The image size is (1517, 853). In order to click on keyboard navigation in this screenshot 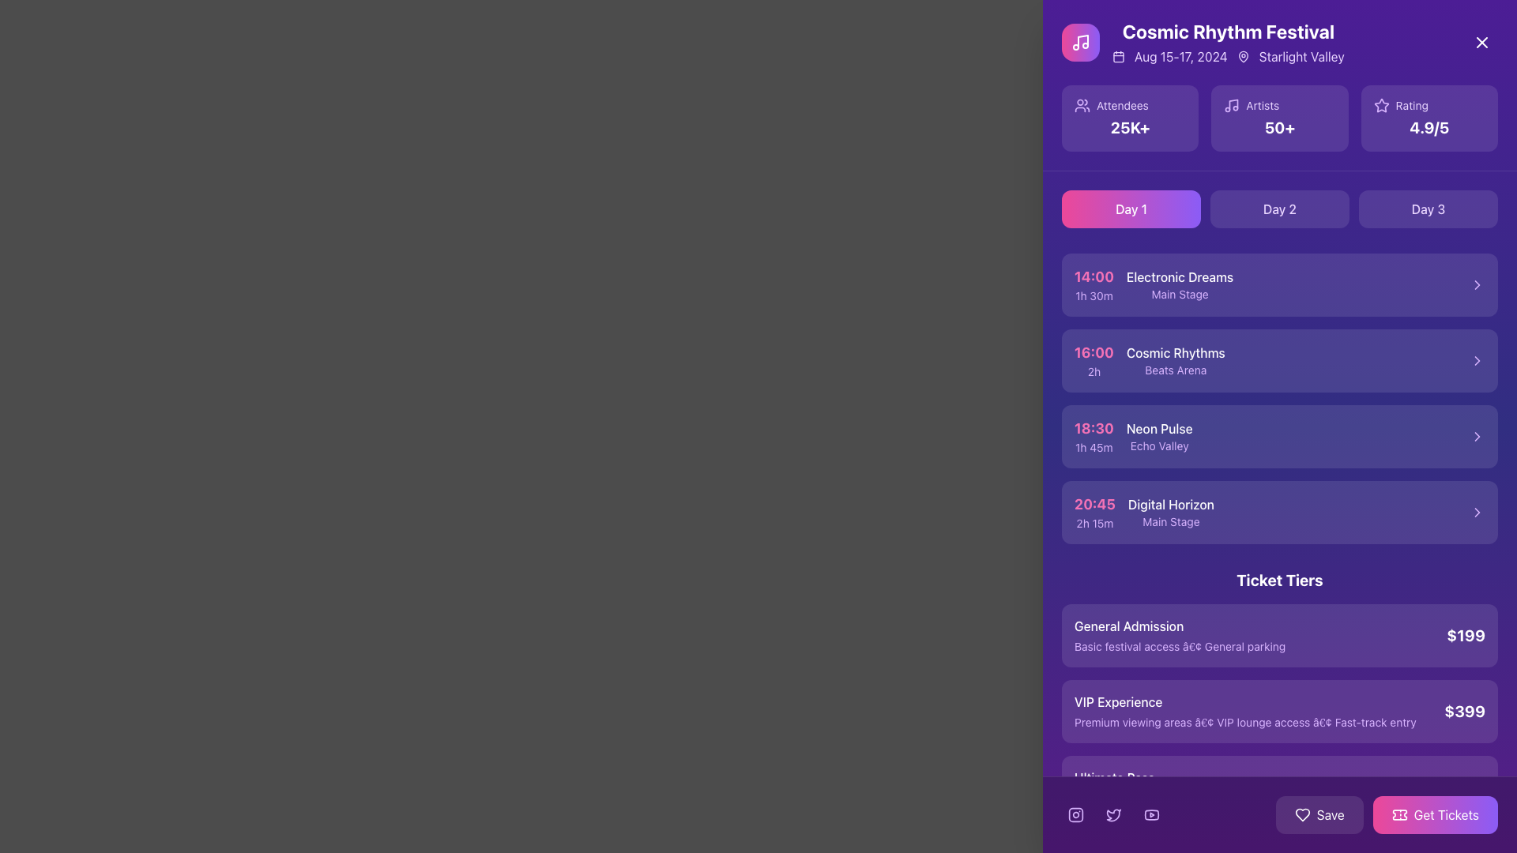, I will do `click(1280, 360)`.